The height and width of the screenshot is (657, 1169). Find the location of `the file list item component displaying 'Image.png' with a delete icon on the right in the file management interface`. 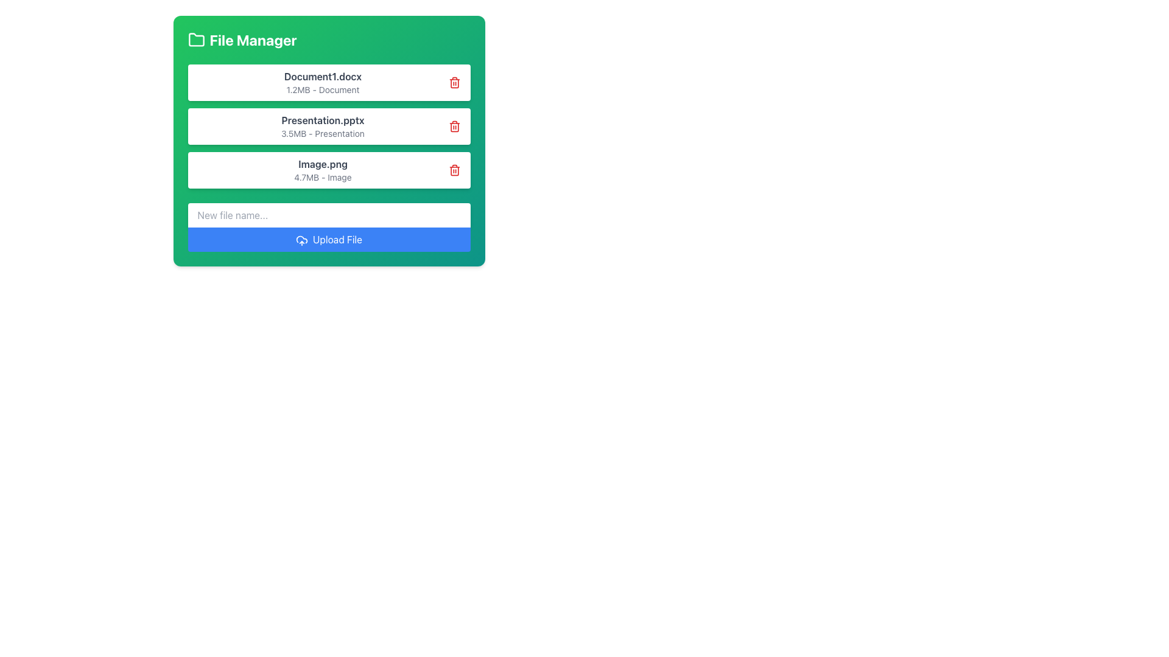

the file list item component displaying 'Image.png' with a delete icon on the right in the file management interface is located at coordinates (329, 170).